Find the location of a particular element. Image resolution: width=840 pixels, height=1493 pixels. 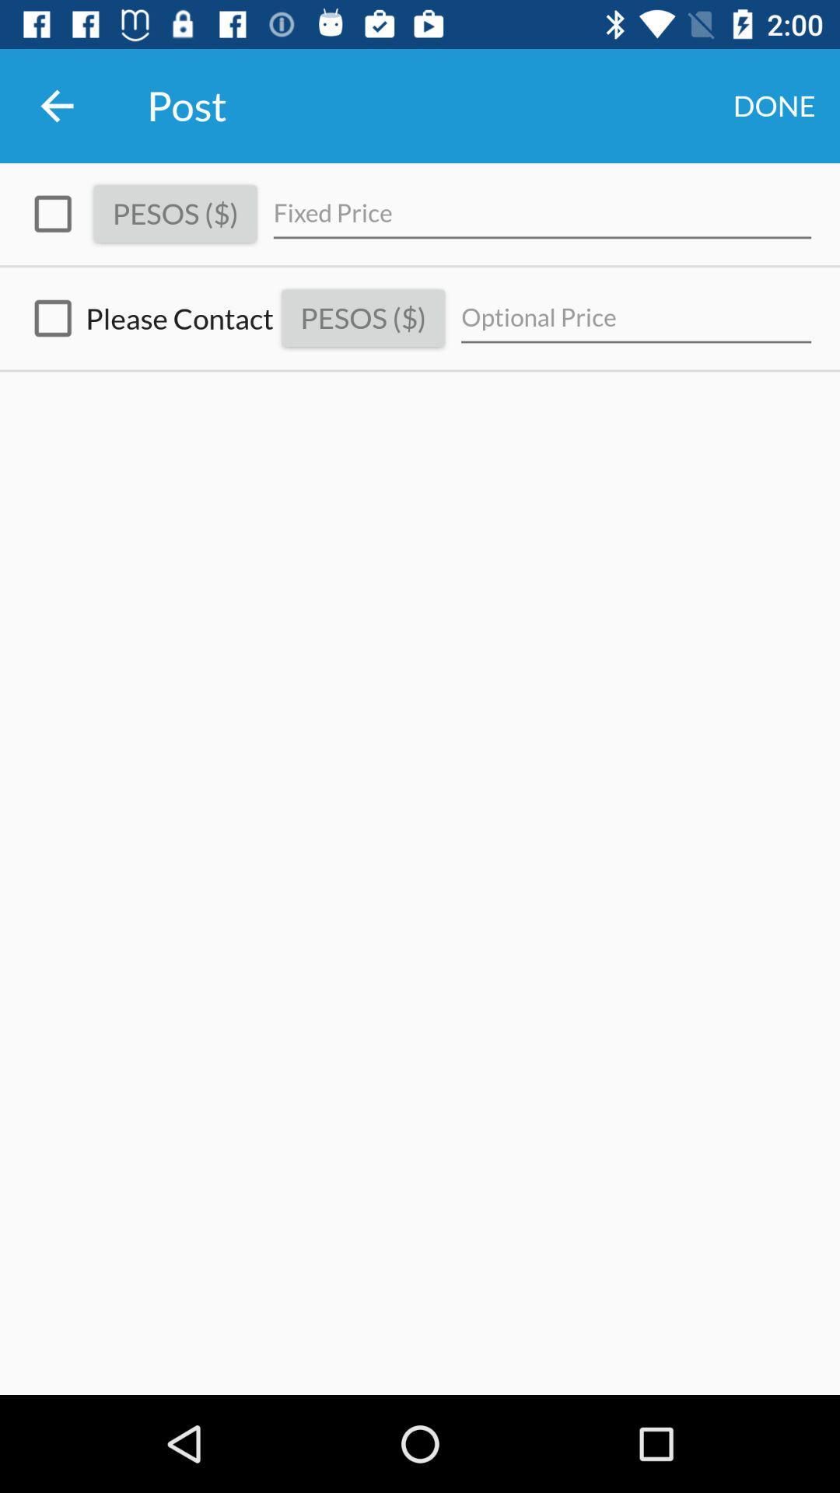

the icon to the right of post icon is located at coordinates (774, 105).